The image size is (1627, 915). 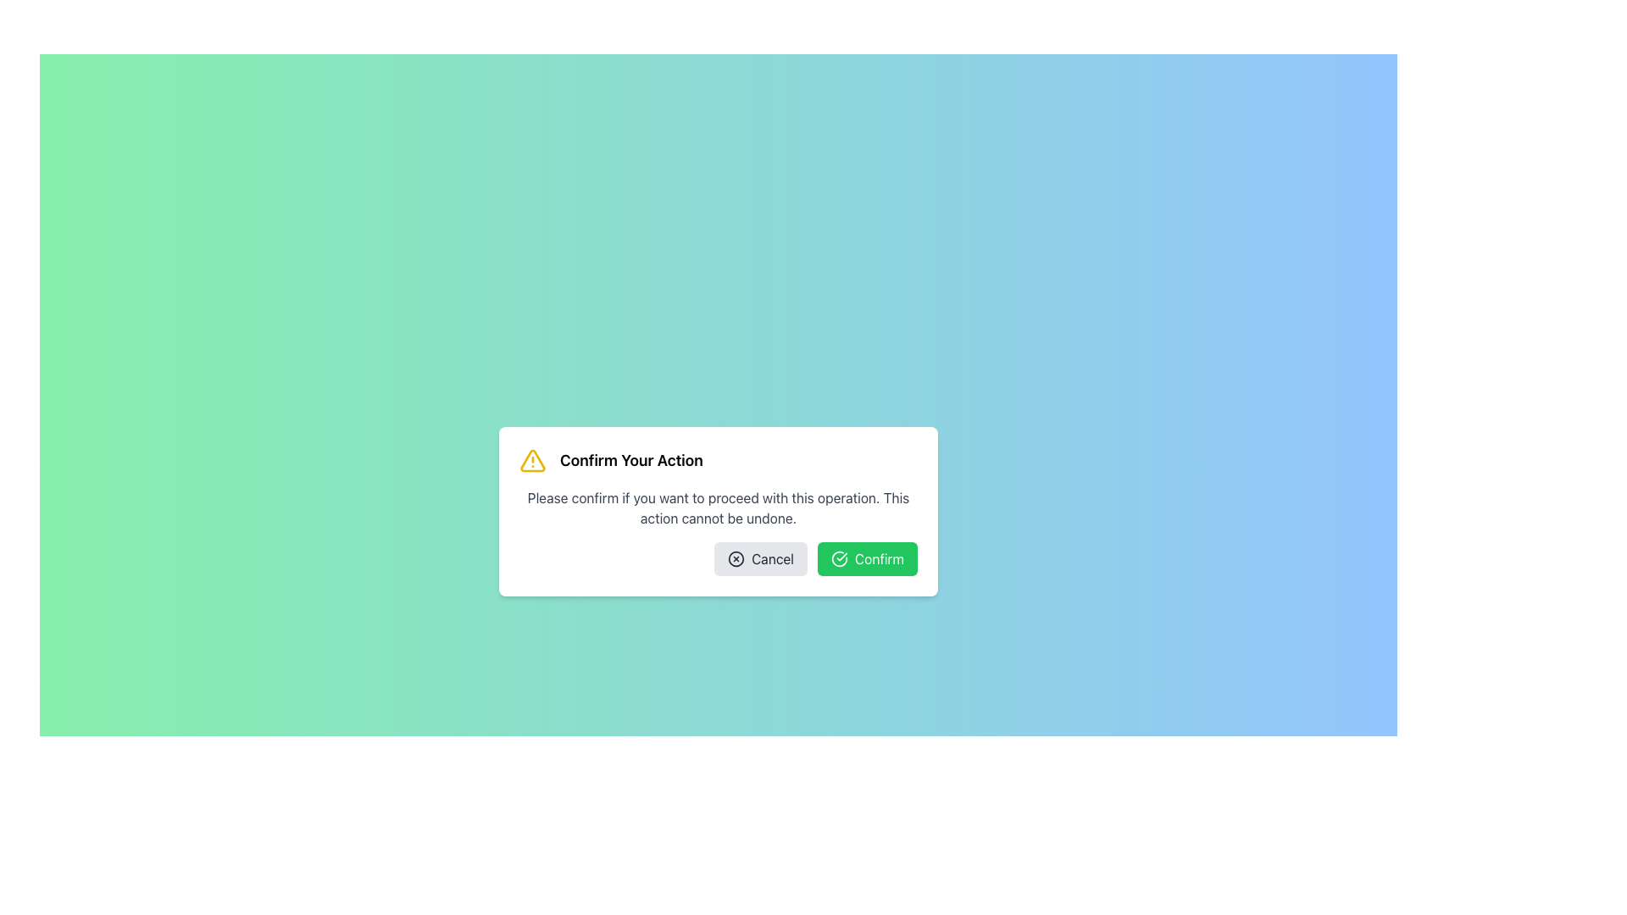 I want to click on the 'Confirm' button, which has a bright green background, rounded corners, and features a white text label with a checkmark icon to confirm the action, so click(x=867, y=558).